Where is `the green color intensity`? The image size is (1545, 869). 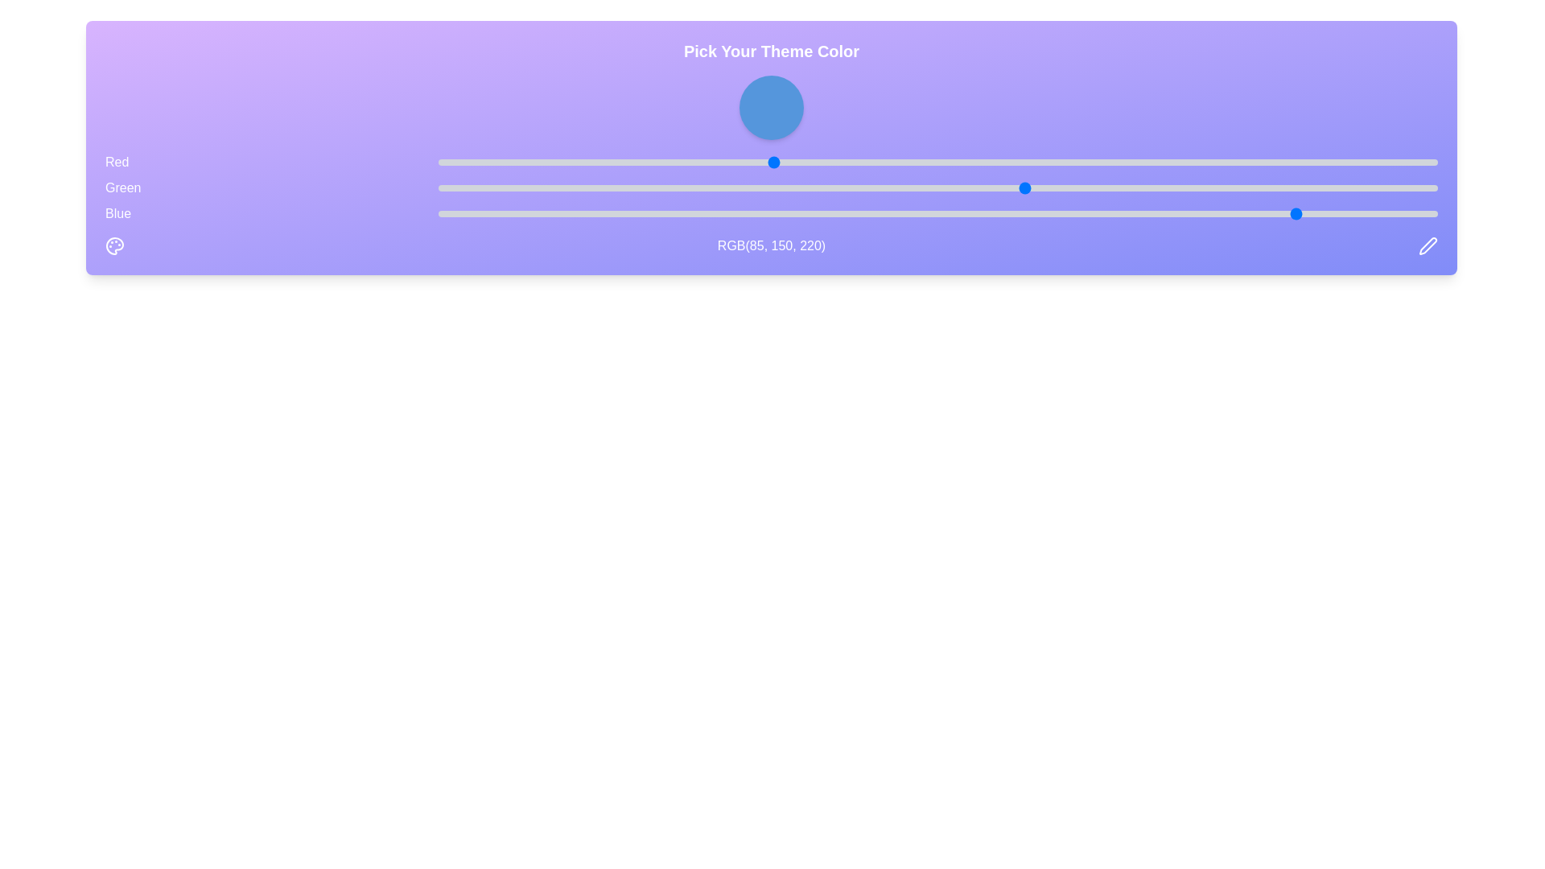
the green color intensity is located at coordinates (1171, 187).